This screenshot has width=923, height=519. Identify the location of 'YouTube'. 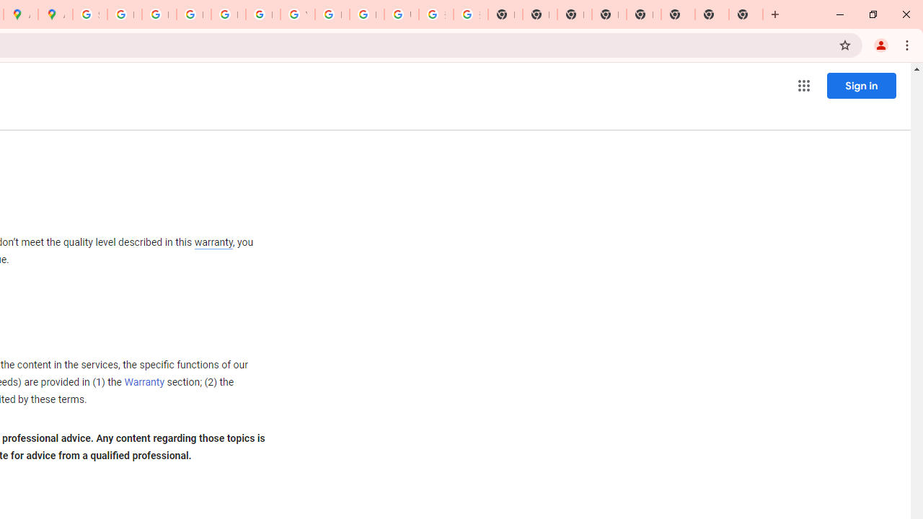
(296, 14).